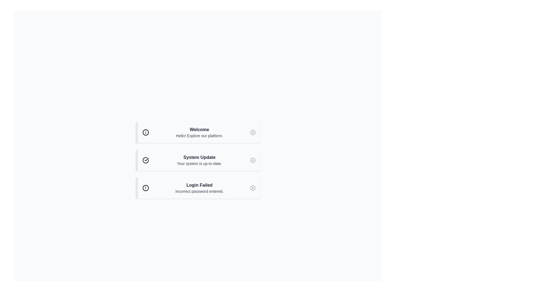  Describe the element at coordinates (252, 160) in the screenshot. I see `the decorative circle SVG element that indicates the option to dismiss the 'System Update' notification` at that location.